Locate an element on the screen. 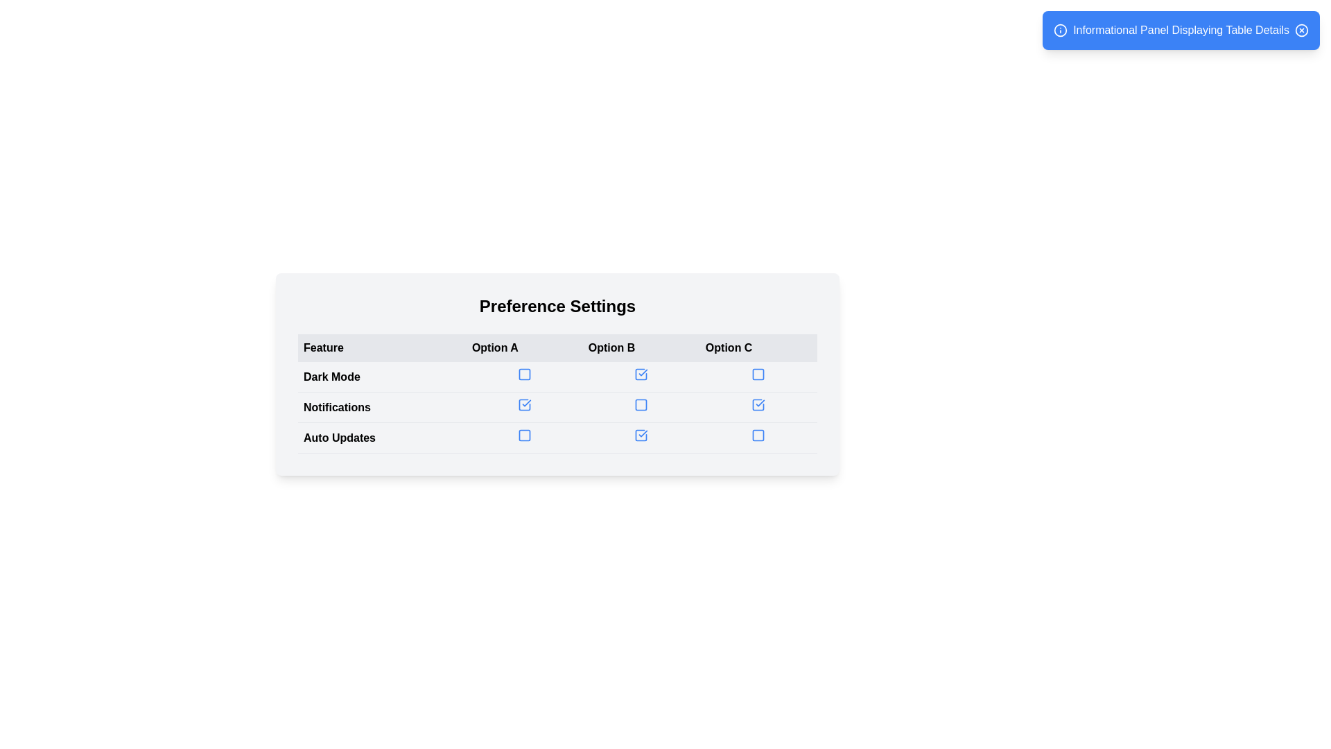 This screenshot has width=1331, height=749. the selected checkbox with a blue outline and checkmark in the 'Notifications' row of the 'Preferences Settings' table is located at coordinates (523, 406).